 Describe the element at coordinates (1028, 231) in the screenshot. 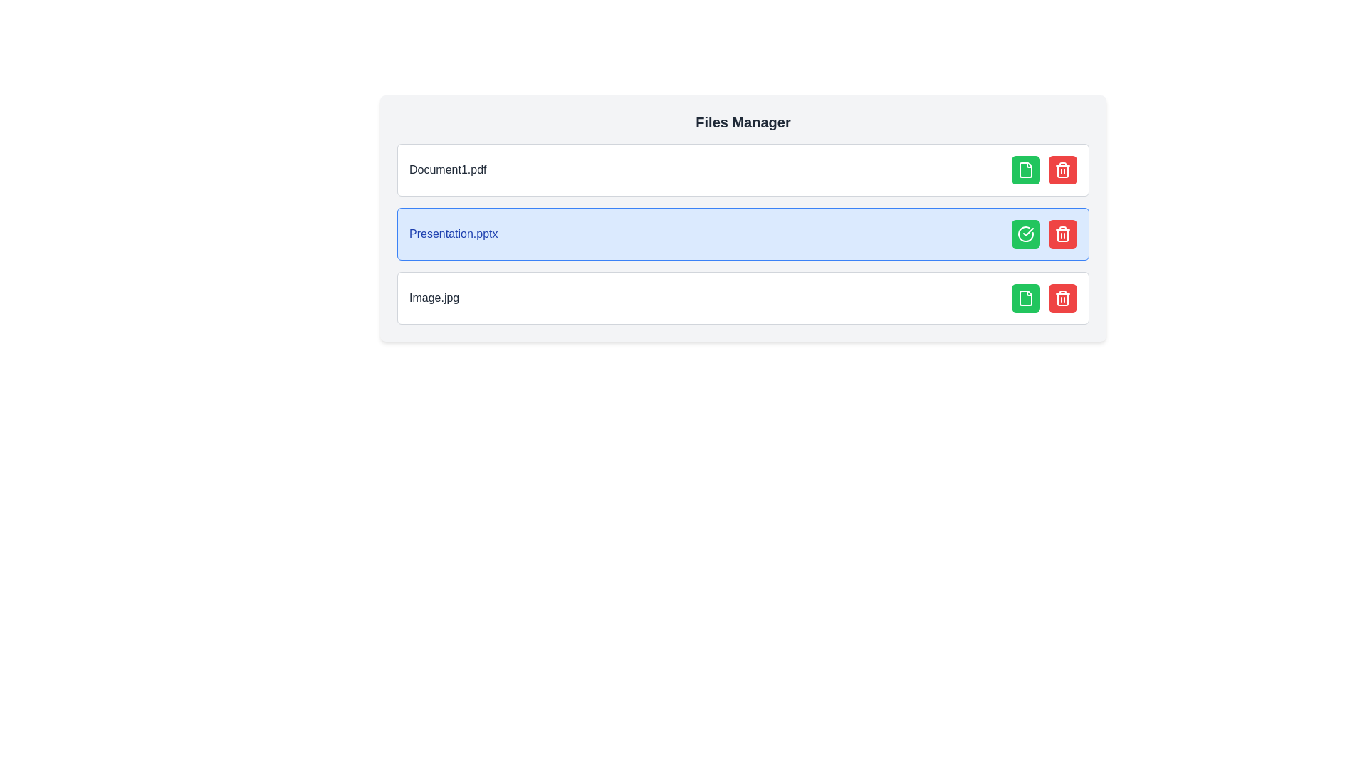

I see `the green checkmark symbol embedded within the circular icon associated with the entry 'Presentation.pptx' in the file manager interface` at that location.